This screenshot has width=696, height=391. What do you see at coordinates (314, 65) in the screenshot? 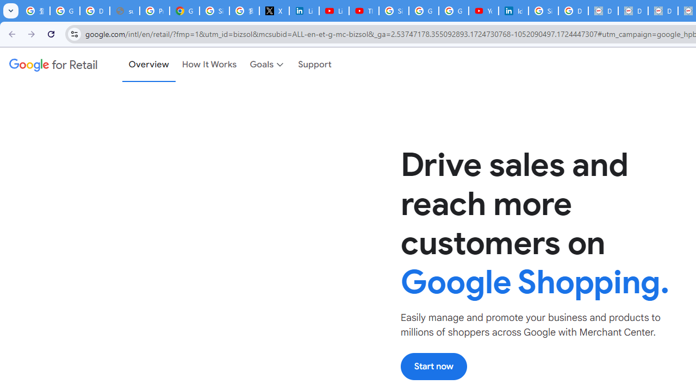
I see `'Support'` at bounding box center [314, 65].